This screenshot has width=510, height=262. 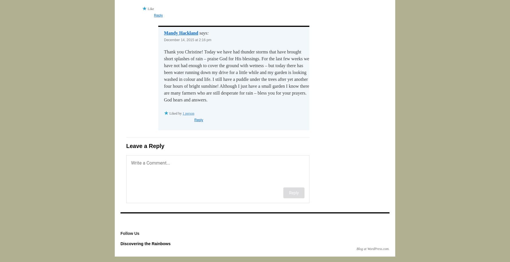 What do you see at coordinates (126, 146) in the screenshot?
I see `'Leave a Reply'` at bounding box center [126, 146].